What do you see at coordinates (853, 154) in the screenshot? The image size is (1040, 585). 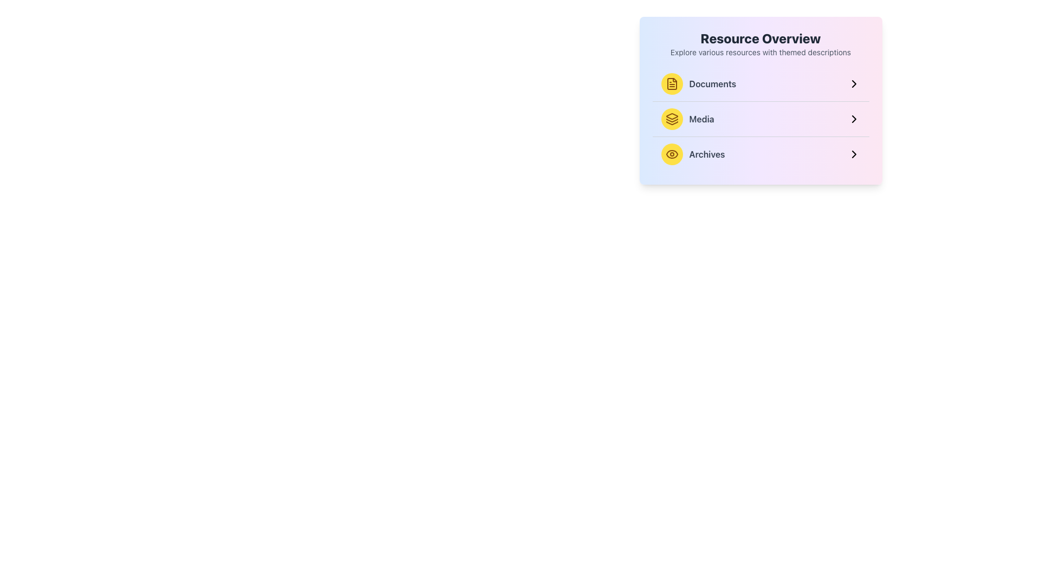 I see `the rightward-facing chevron icon located at the far right of the 'Archives' row` at bounding box center [853, 154].